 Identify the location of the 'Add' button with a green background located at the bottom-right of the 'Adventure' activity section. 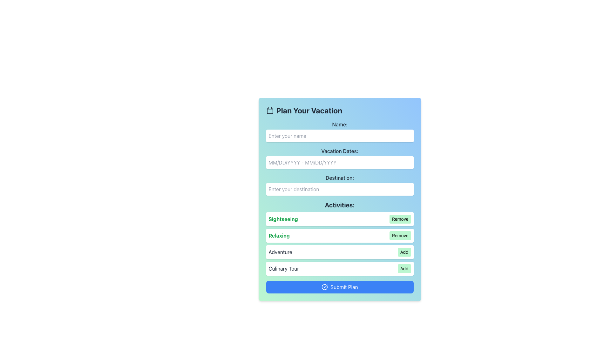
(404, 252).